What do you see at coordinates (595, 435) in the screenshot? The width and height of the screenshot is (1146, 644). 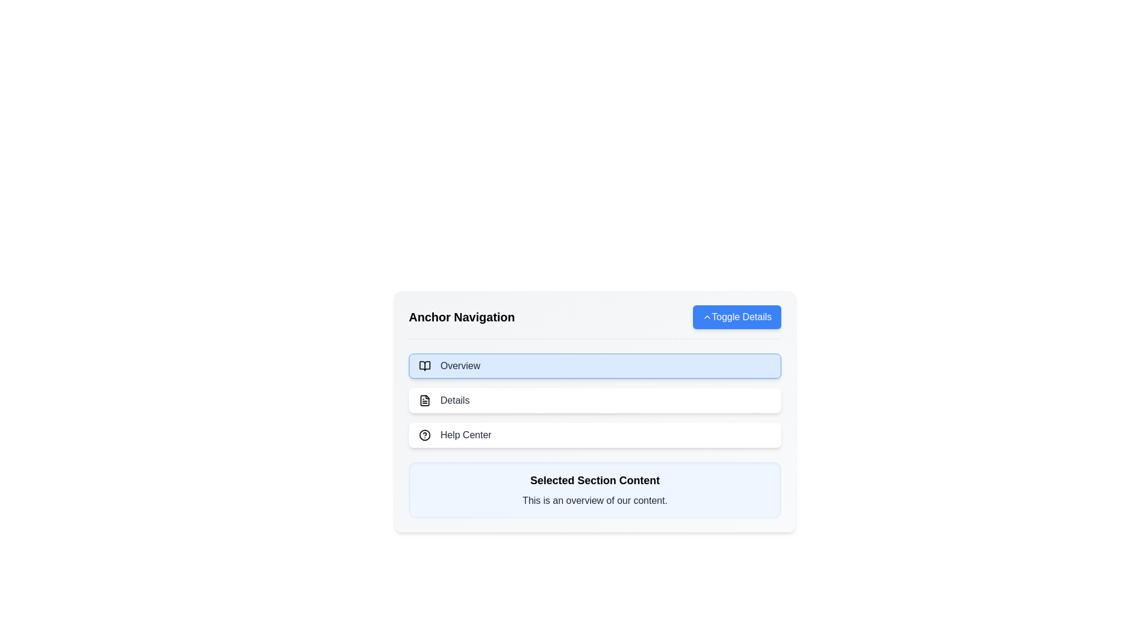 I see `the 'Help Center' navigation link located as the third item in the 'Anchor Navigation' group` at bounding box center [595, 435].